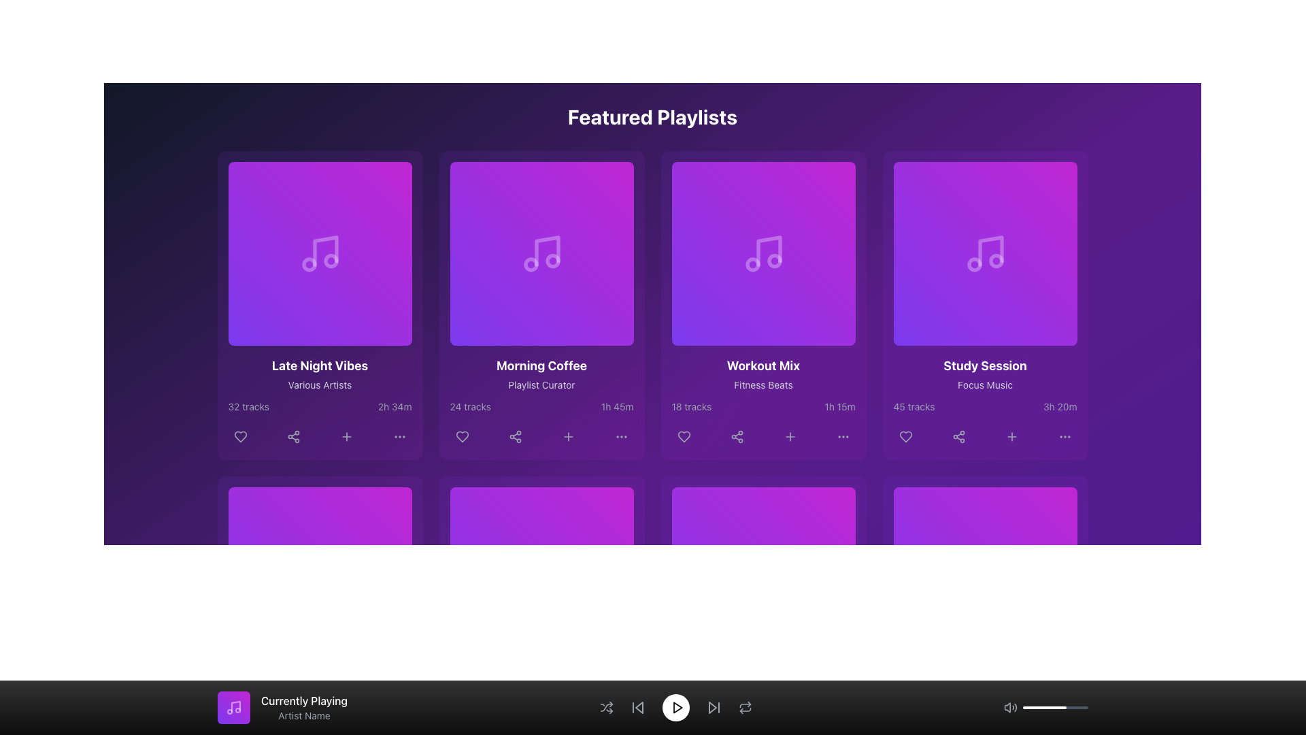 The image size is (1306, 735). Describe the element at coordinates (542, 254) in the screenshot. I see `the small play icon button, which is a white triangle pointing to the right, located centrally within the 'Morning Coffee' card in the 'Featured Playlists' section` at that location.